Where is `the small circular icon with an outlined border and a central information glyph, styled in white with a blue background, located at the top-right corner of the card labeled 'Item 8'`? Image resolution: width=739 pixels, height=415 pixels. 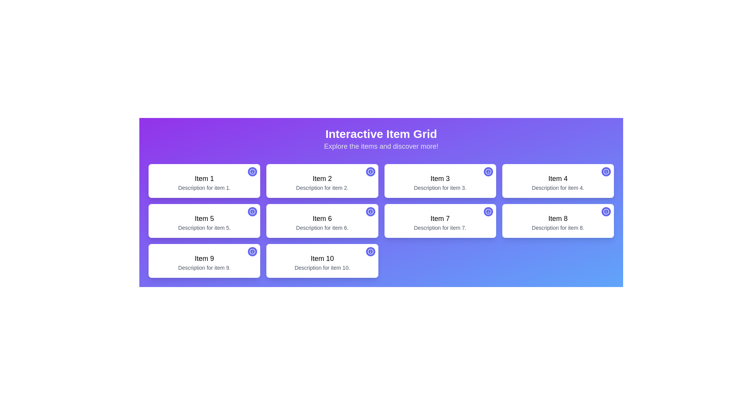 the small circular icon with an outlined border and a central information glyph, styled in white with a blue background, located at the top-right corner of the card labeled 'Item 8' is located at coordinates (605, 212).